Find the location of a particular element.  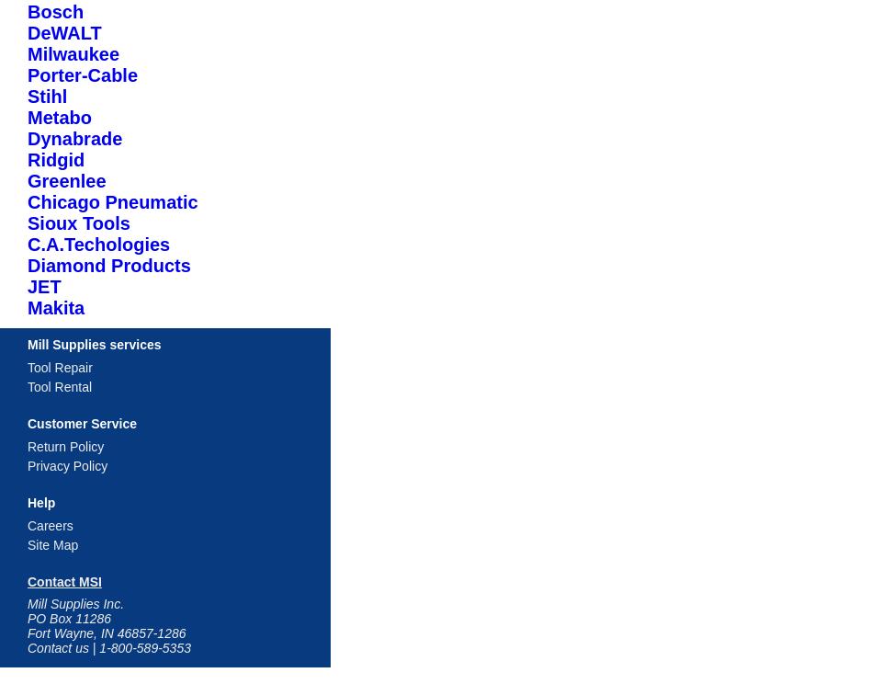

'Milwaukee' is located at coordinates (73, 52).